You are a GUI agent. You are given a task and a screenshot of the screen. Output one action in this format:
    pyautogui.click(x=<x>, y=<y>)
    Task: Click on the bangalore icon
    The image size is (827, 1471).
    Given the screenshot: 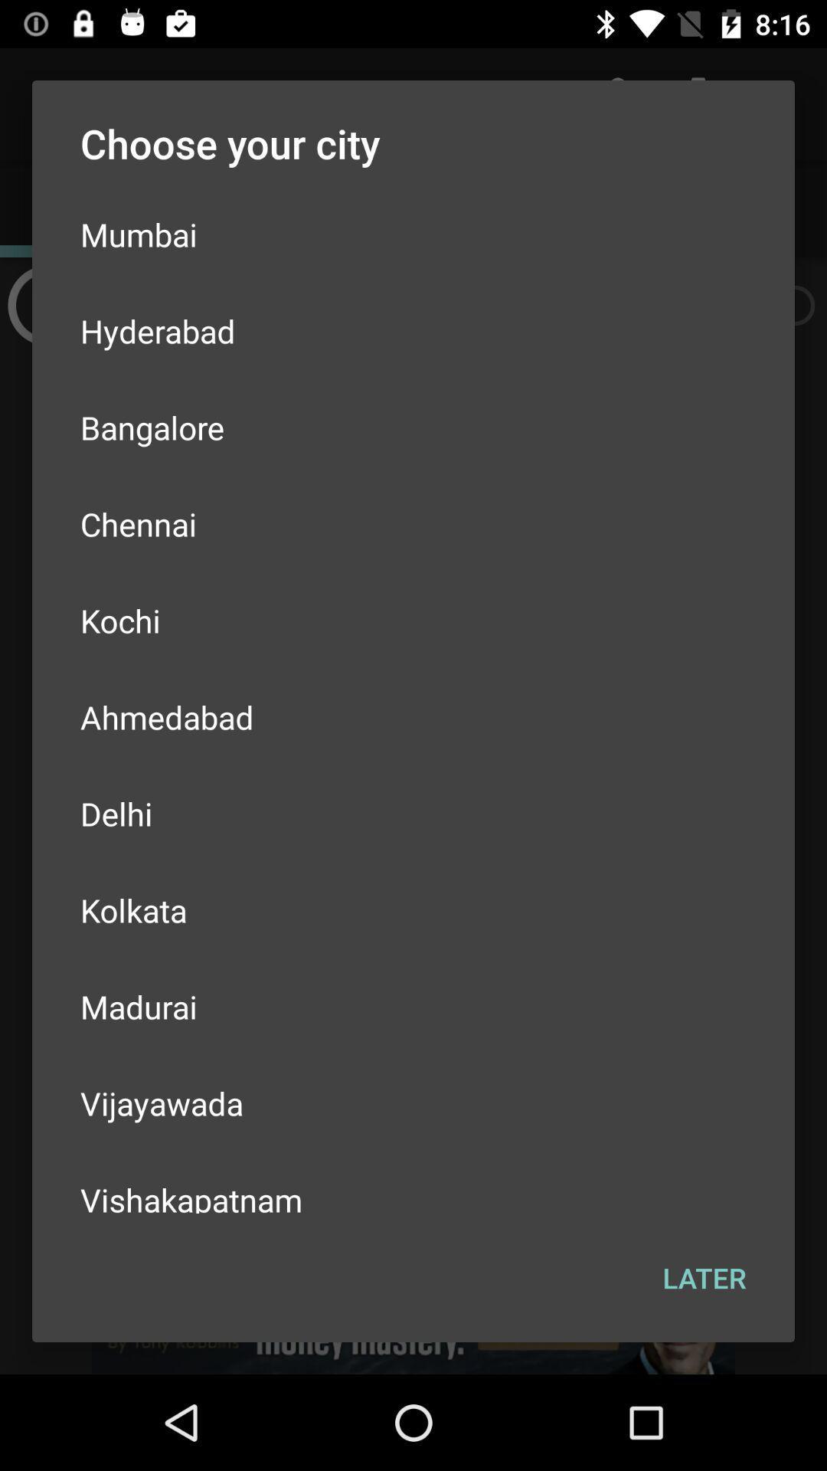 What is the action you would take?
    pyautogui.click(x=413, y=427)
    